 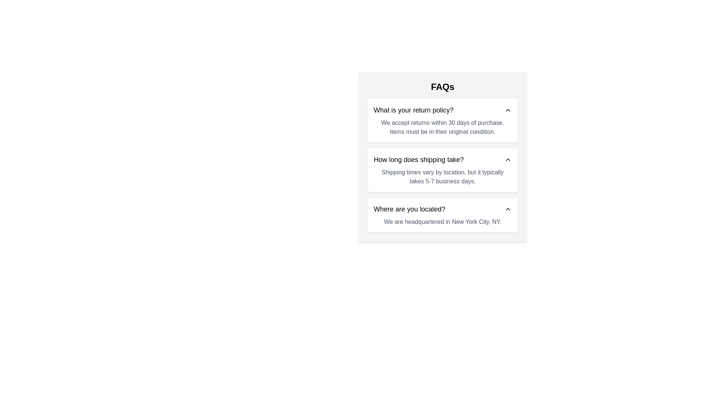 What do you see at coordinates (418, 159) in the screenshot?
I see `the text label displaying the question 'How long does shipping take?' which is positioned as the second question in the FAQ section, located below 'What is your return policy?' and above 'Where are you located?'` at bounding box center [418, 159].